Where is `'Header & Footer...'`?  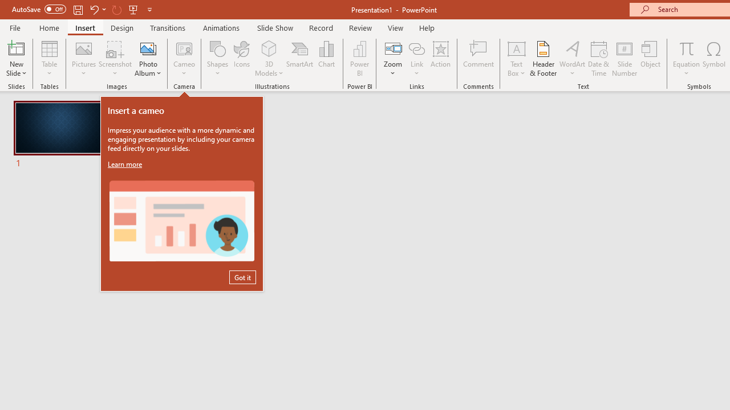
'Header & Footer...' is located at coordinates (542, 59).